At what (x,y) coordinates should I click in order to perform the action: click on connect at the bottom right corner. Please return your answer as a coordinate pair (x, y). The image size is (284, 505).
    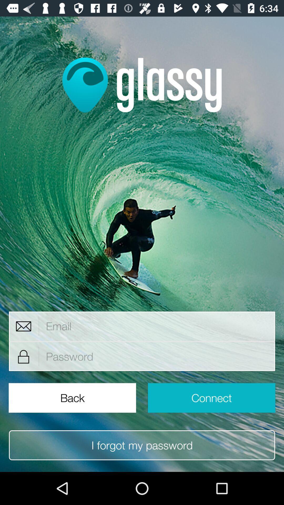
    Looking at the image, I should click on (211, 398).